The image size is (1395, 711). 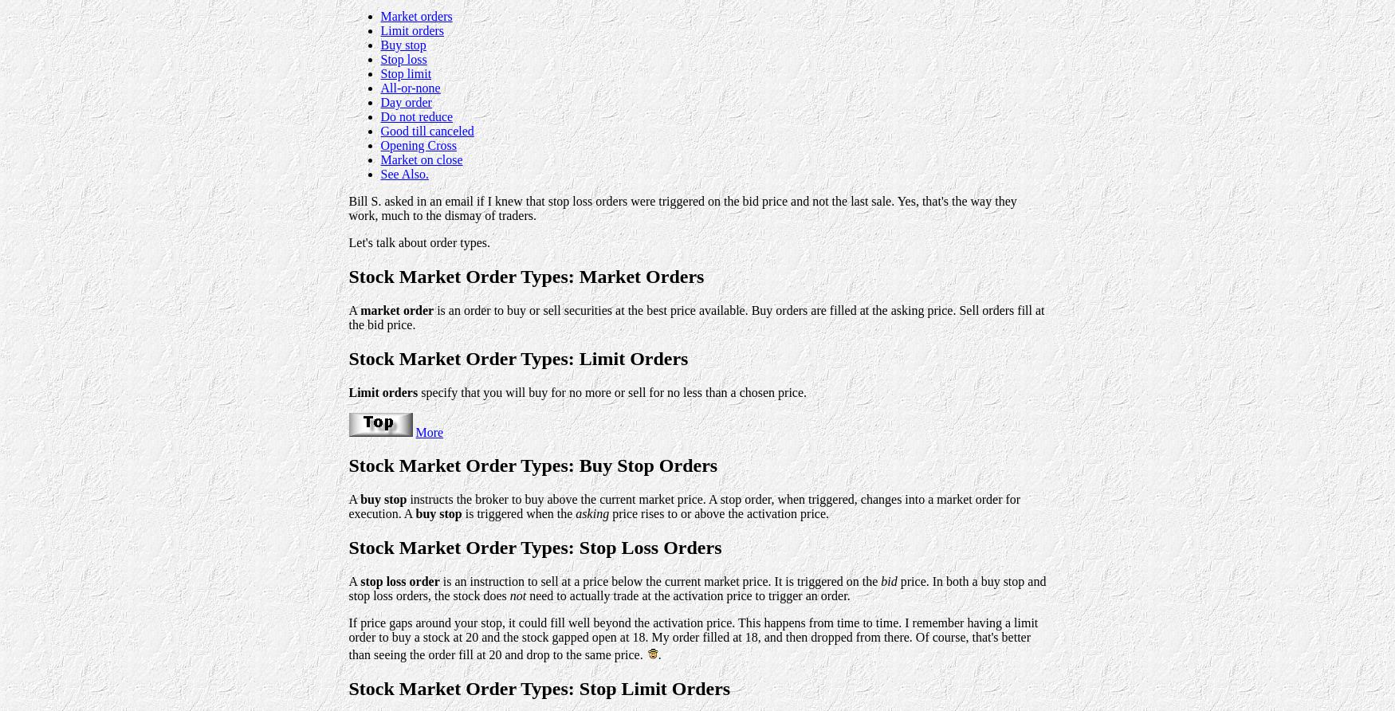 What do you see at coordinates (405, 100) in the screenshot?
I see `'Day order'` at bounding box center [405, 100].